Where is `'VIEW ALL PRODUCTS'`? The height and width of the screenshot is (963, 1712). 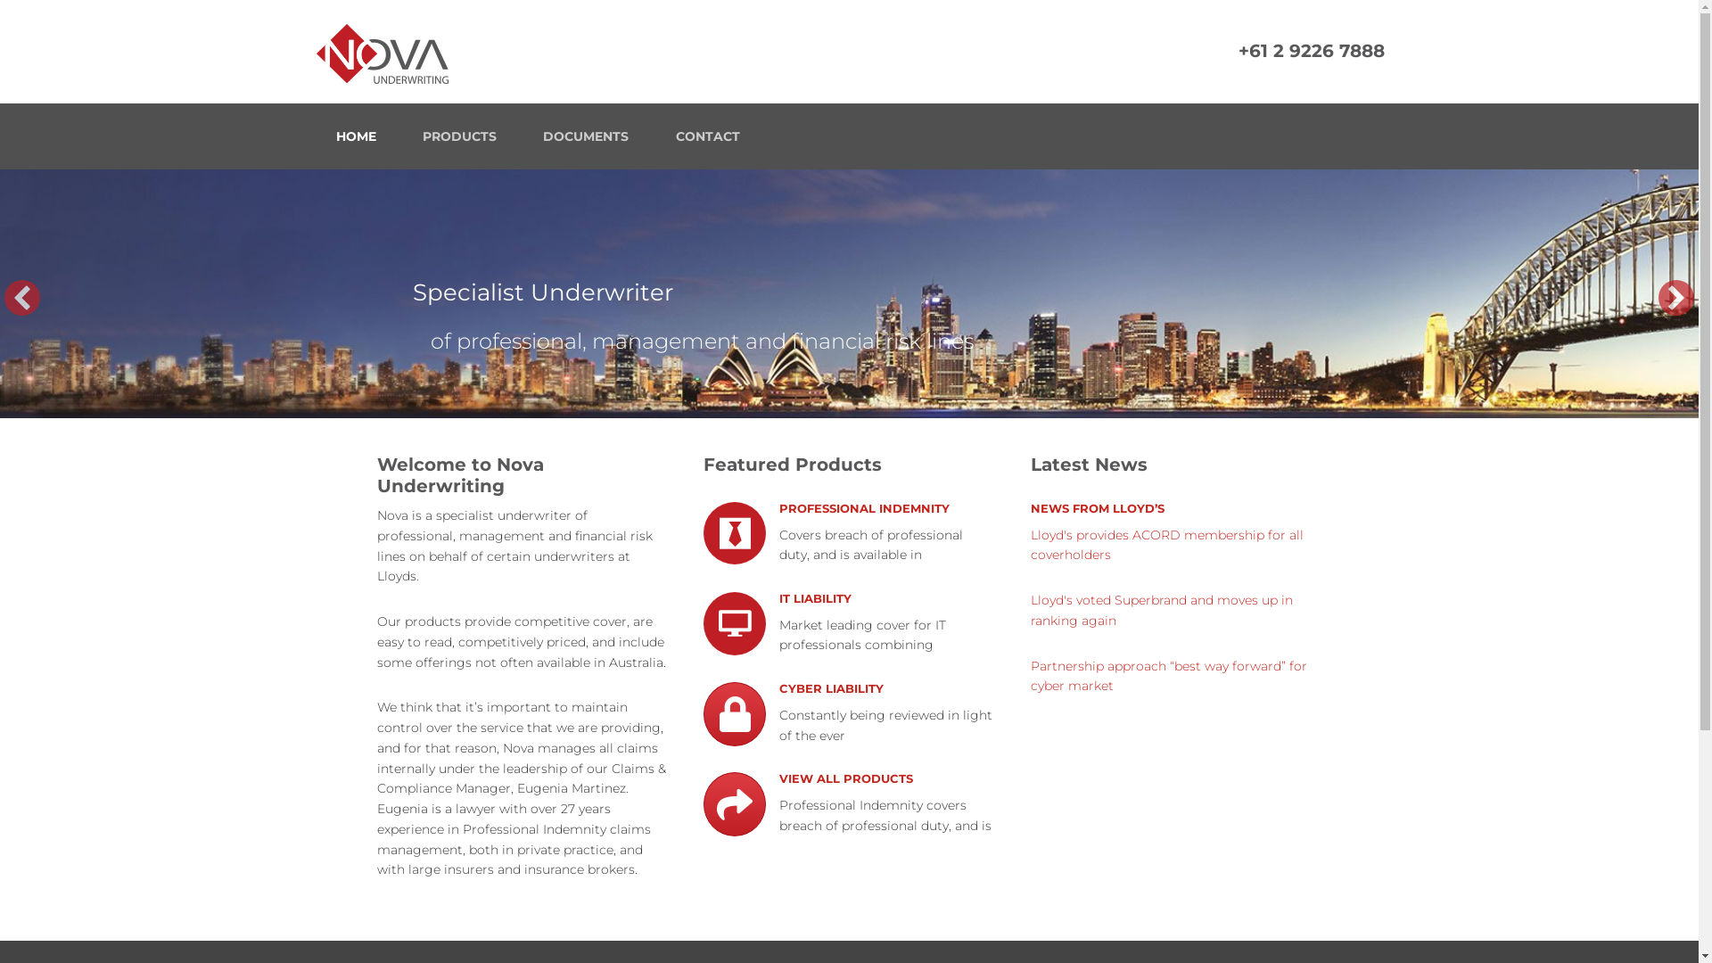 'VIEW ALL PRODUCTS' is located at coordinates (845, 779).